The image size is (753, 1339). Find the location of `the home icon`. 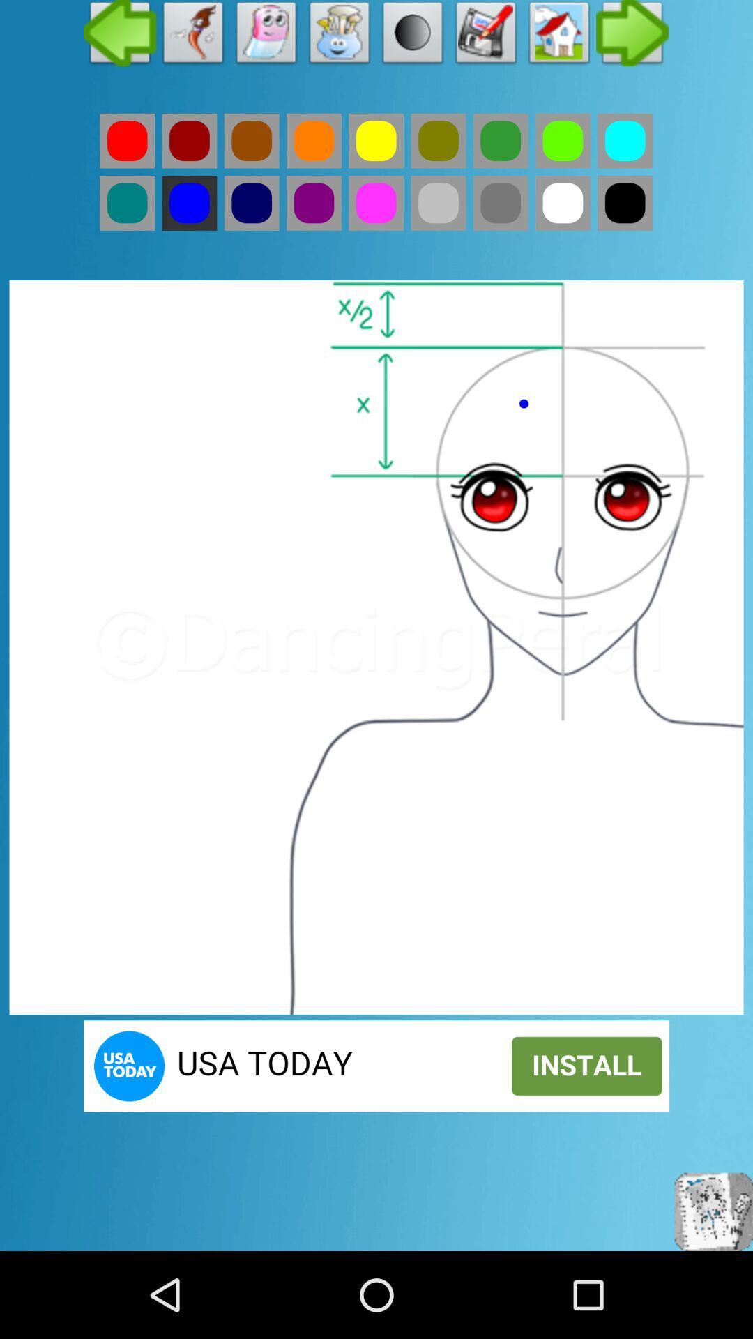

the home icon is located at coordinates (558, 39).